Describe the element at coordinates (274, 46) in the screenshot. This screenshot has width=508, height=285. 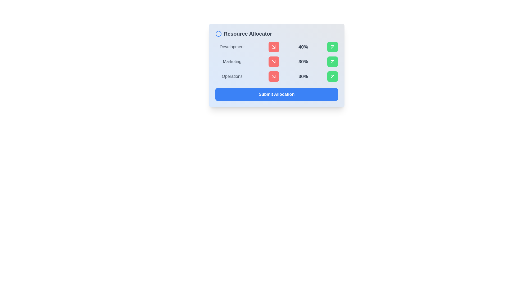
I see `the downward-right arrow SVG icon located within the red circular button in the first row of the Resource Allocator table associated with the Development label` at that location.